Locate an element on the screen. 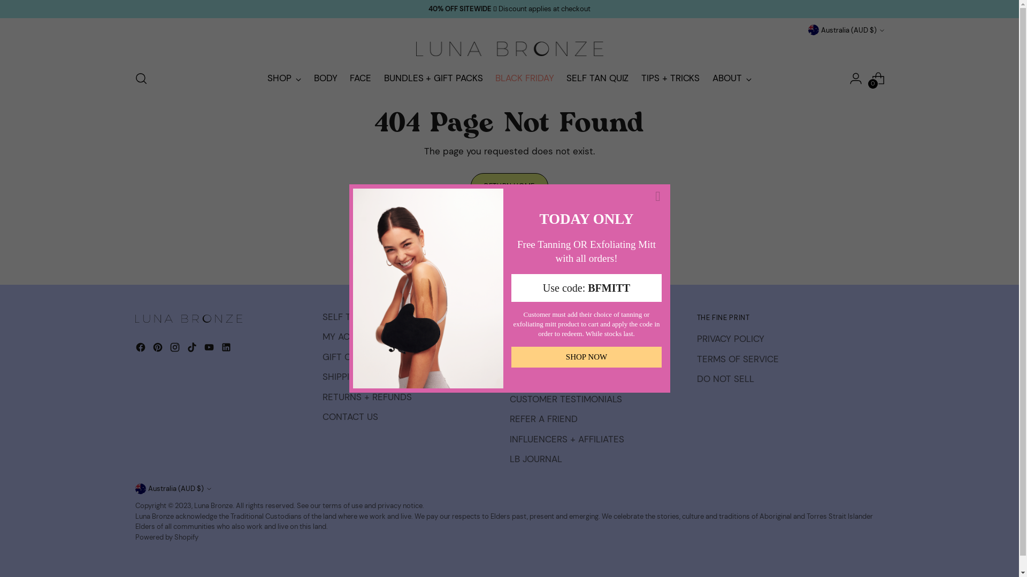 The image size is (1027, 577). 'TERMS OF SERVICE' is located at coordinates (737, 358).